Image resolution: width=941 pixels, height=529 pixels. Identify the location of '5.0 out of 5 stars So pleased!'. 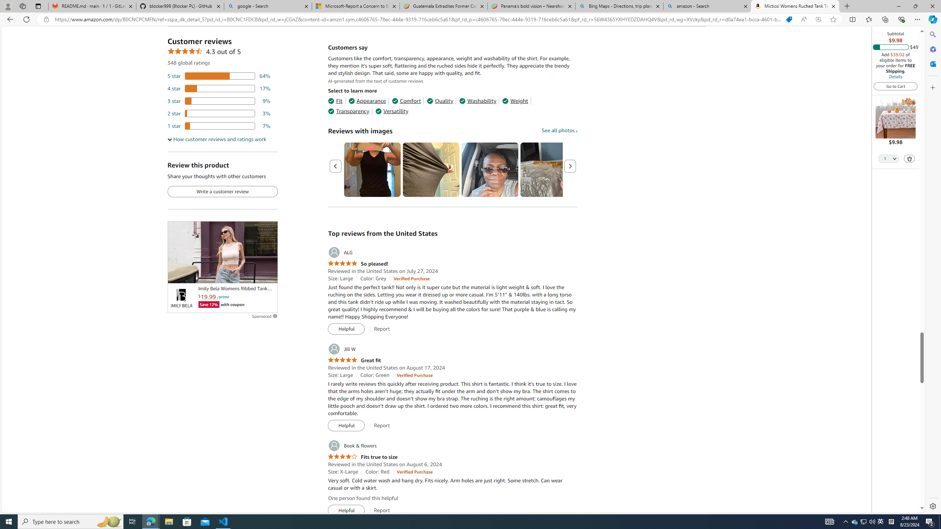
(358, 263).